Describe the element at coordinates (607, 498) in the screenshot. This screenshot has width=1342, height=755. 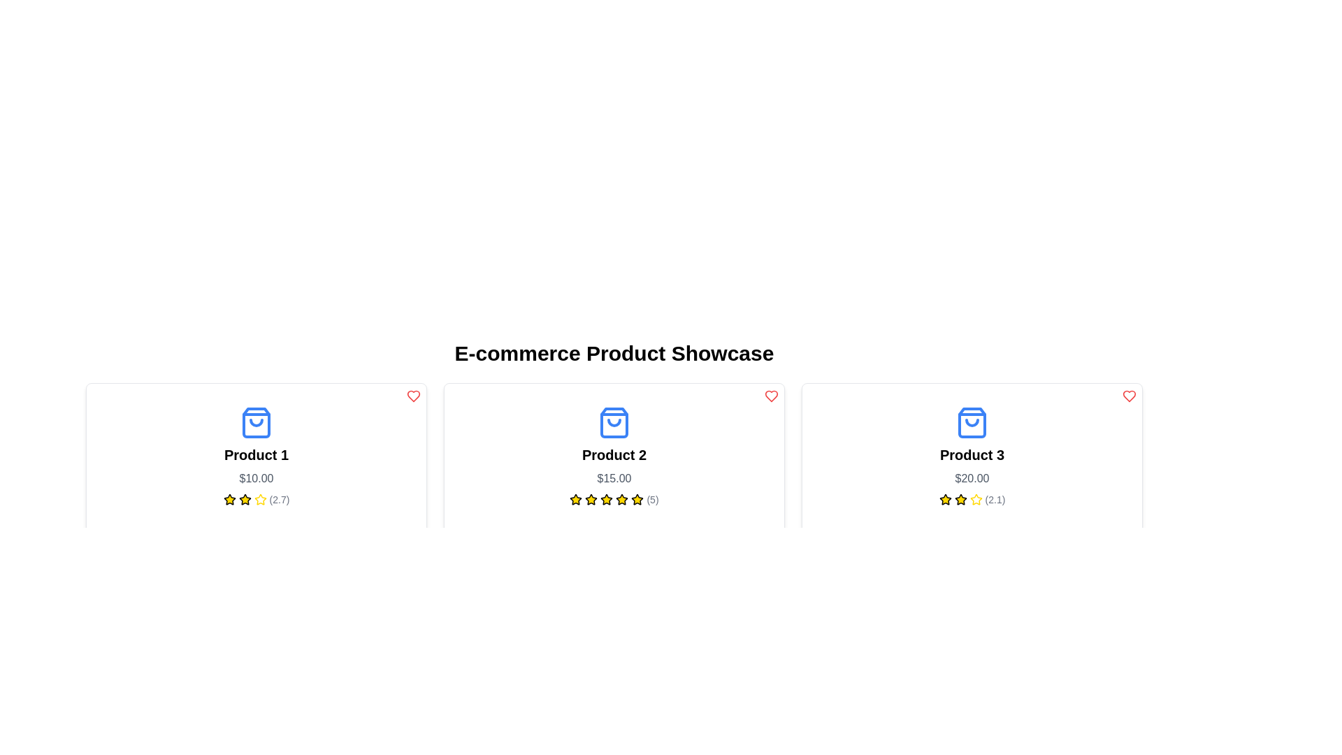
I see `the fifth star icon indicating the rating level under the 'Product 2' section` at that location.